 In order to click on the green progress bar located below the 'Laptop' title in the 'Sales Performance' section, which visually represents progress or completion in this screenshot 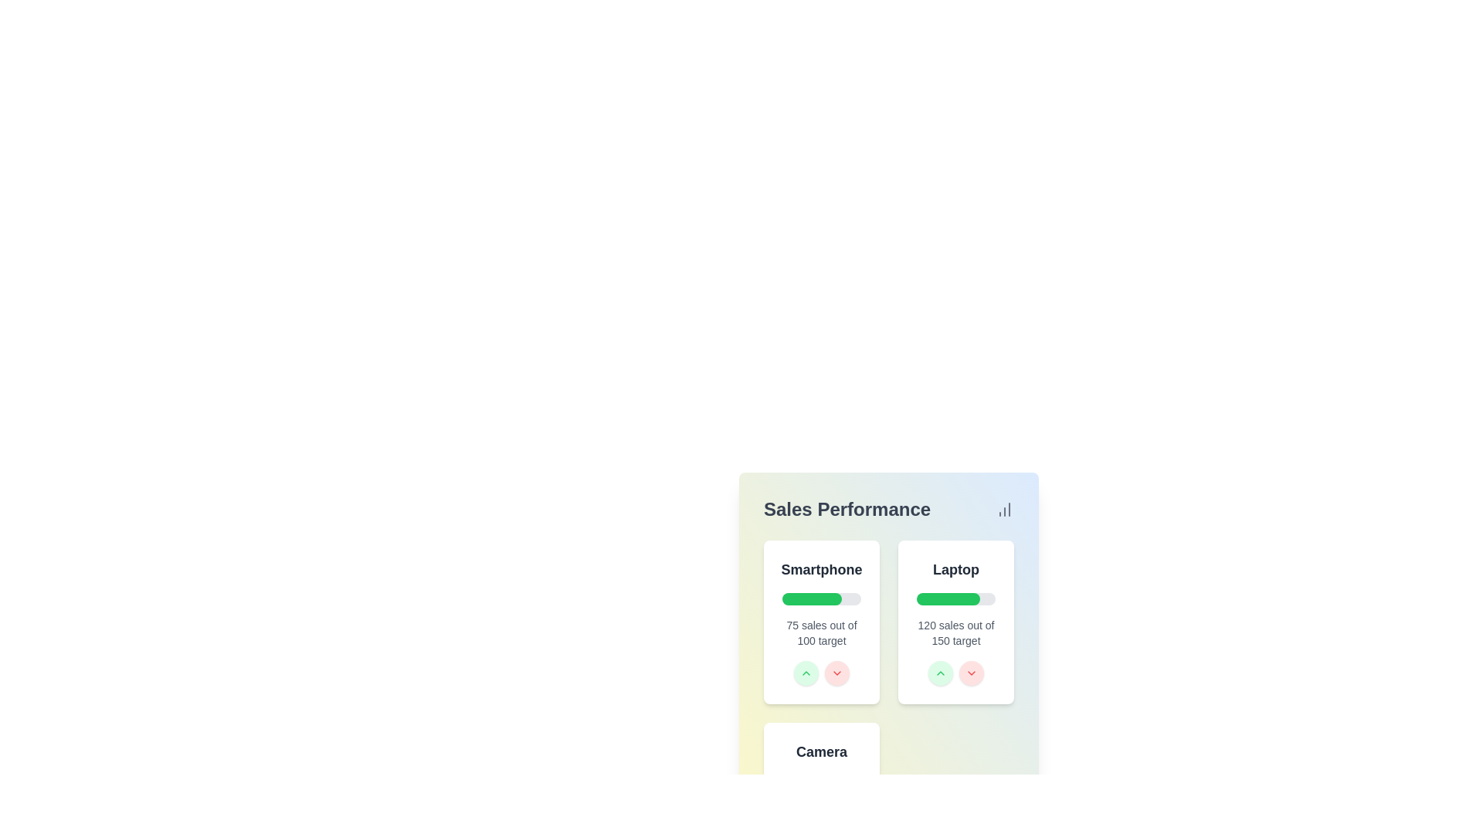, I will do `click(947, 598)`.